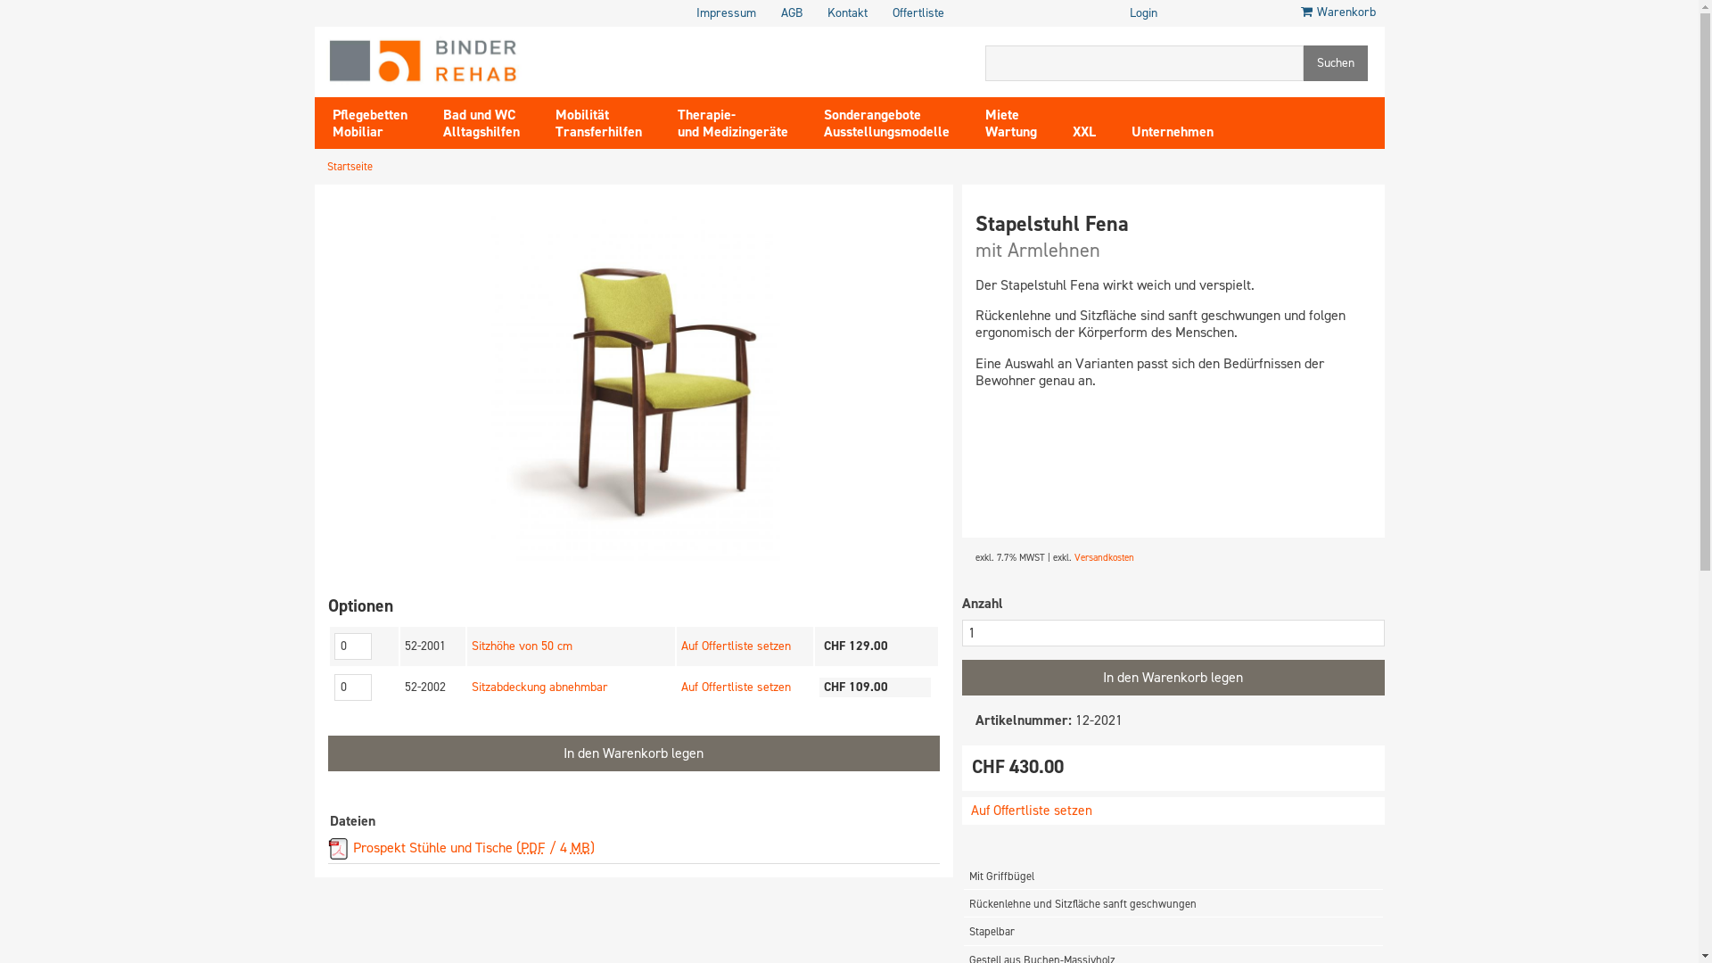 This screenshot has height=963, width=1712. What do you see at coordinates (886, 121) in the screenshot?
I see `'Sonderangebote` at bounding box center [886, 121].